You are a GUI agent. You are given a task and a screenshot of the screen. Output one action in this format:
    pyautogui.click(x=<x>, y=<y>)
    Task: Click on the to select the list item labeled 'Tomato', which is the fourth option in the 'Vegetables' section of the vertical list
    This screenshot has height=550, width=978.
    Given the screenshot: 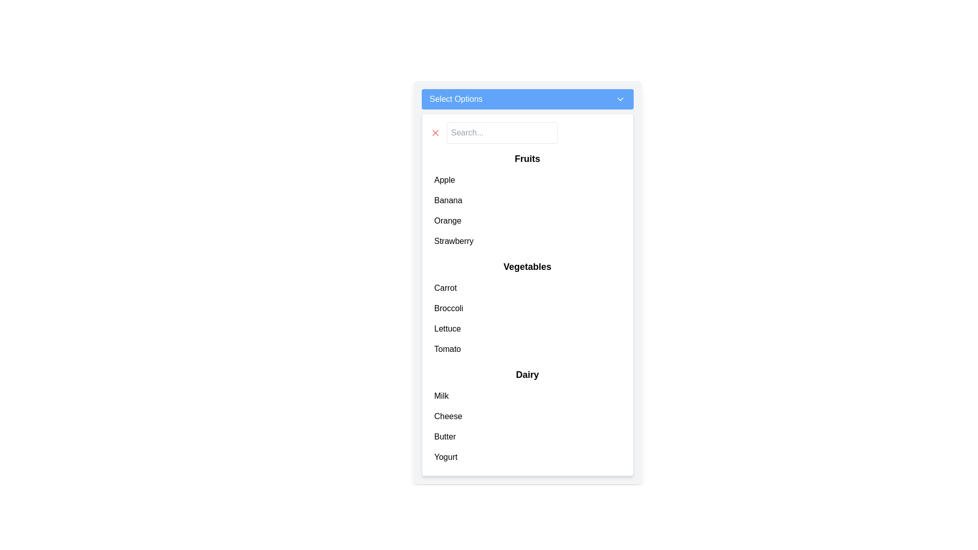 What is the action you would take?
    pyautogui.click(x=527, y=349)
    